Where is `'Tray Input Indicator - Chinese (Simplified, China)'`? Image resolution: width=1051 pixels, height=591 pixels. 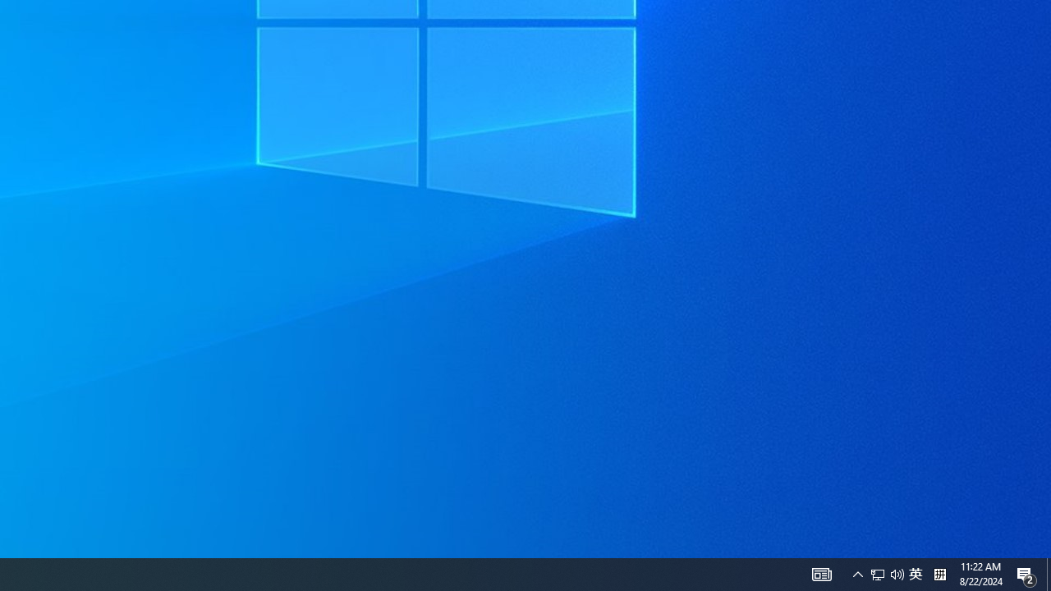
'Tray Input Indicator - Chinese (Simplified, China)' is located at coordinates (886, 573).